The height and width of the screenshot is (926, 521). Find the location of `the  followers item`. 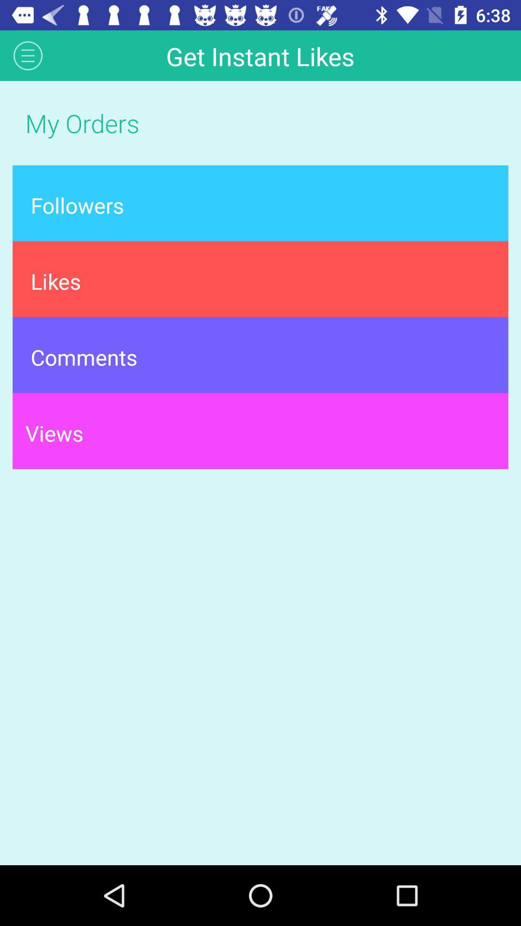

the  followers item is located at coordinates (260, 203).